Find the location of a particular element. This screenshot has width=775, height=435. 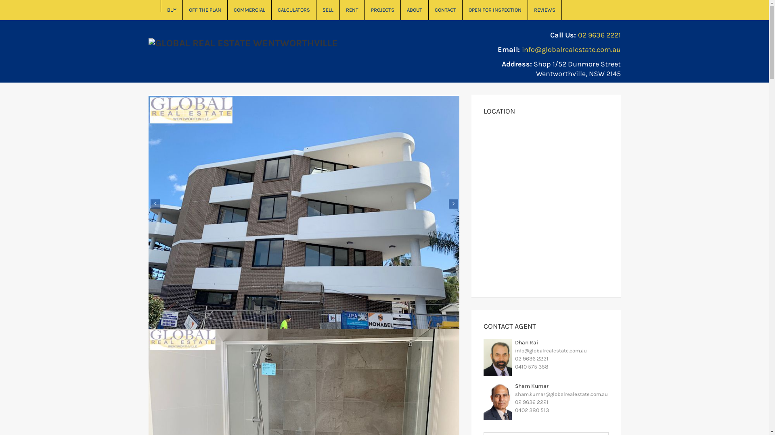

'ABOUT' is located at coordinates (414, 10).